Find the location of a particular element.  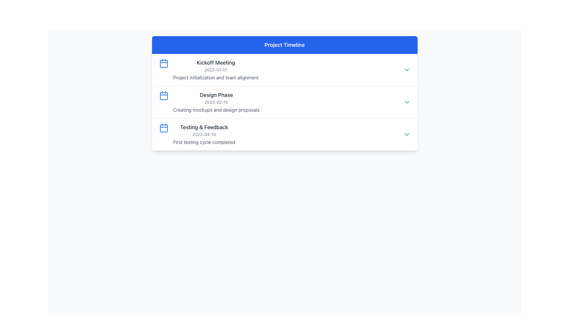

the 'Testing & Feedback' phase entry in the Project Timeline interface, which is the third section in the list of timeline events is located at coordinates (284, 135).